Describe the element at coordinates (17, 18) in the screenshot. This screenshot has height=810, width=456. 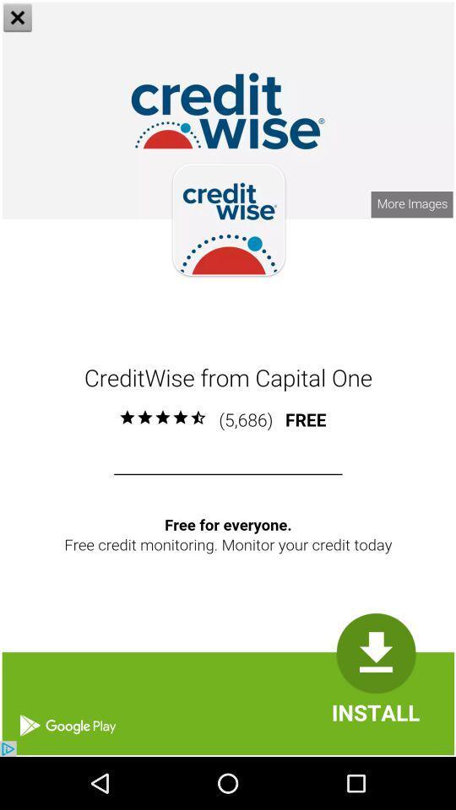
I see `the close icon` at that location.